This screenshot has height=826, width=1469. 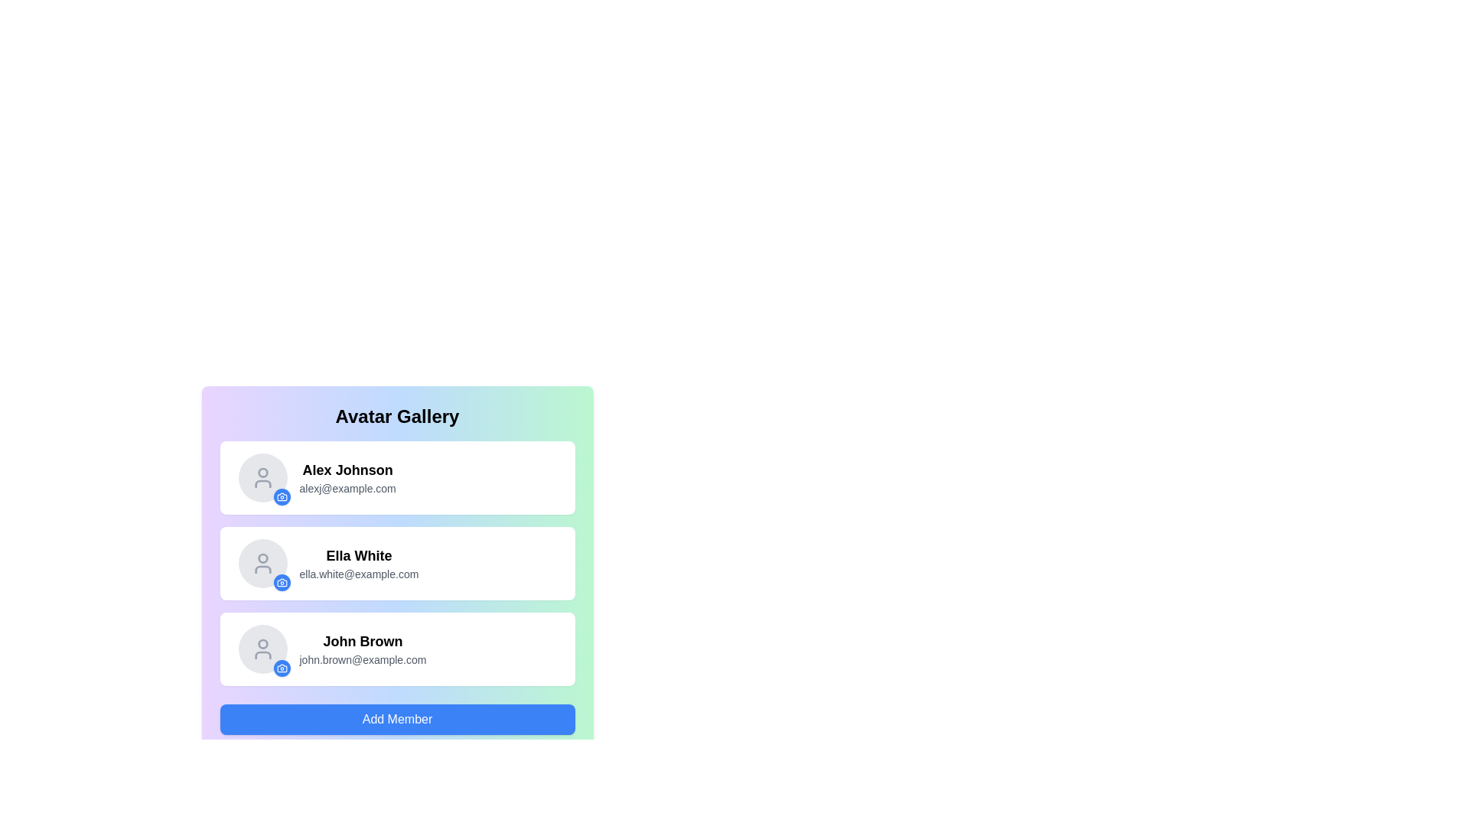 I want to click on the small circular button with an icon, so click(x=282, y=668).